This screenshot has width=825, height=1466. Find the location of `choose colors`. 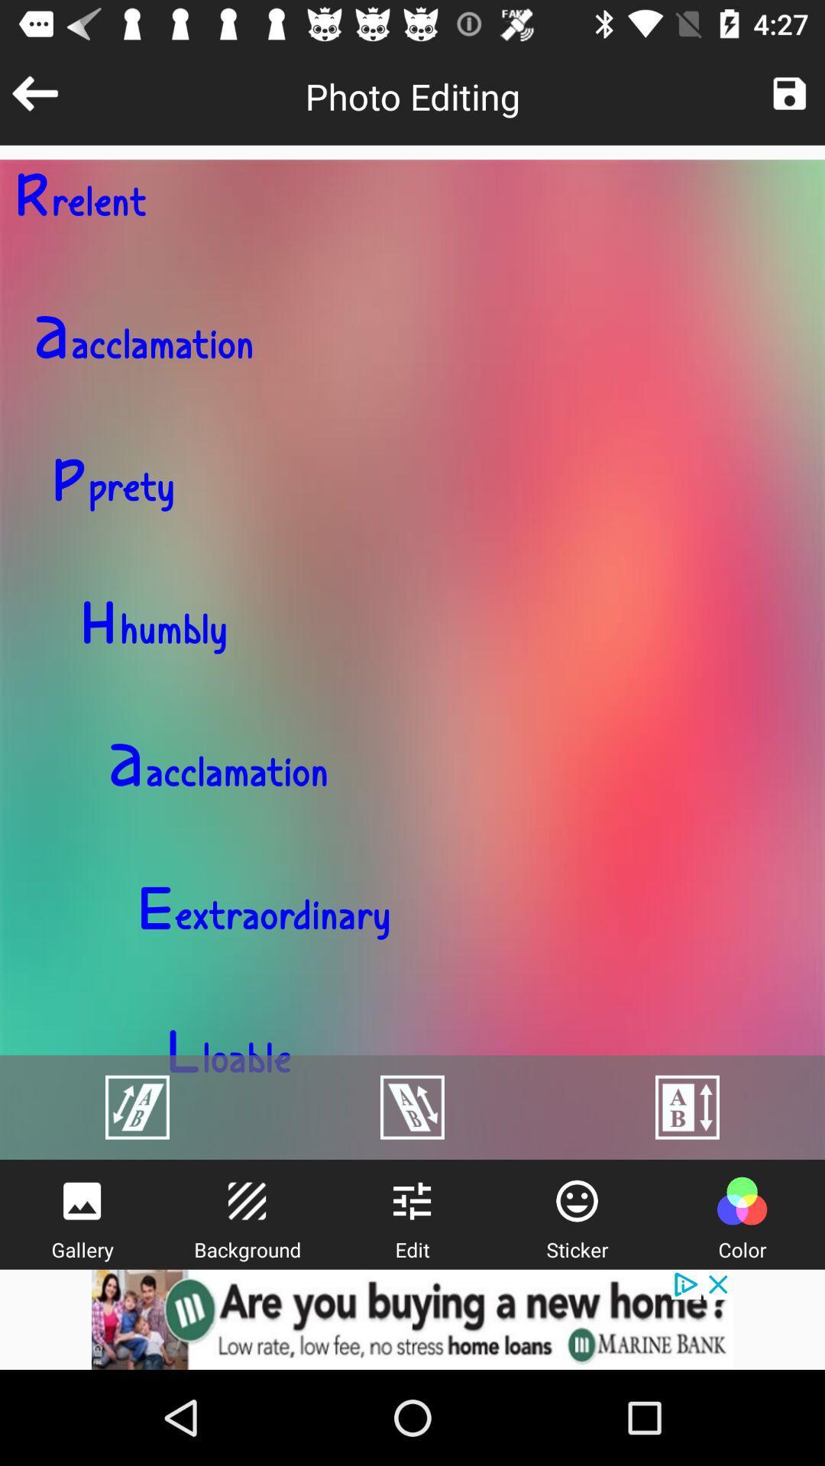

choose colors is located at coordinates (741, 1200).